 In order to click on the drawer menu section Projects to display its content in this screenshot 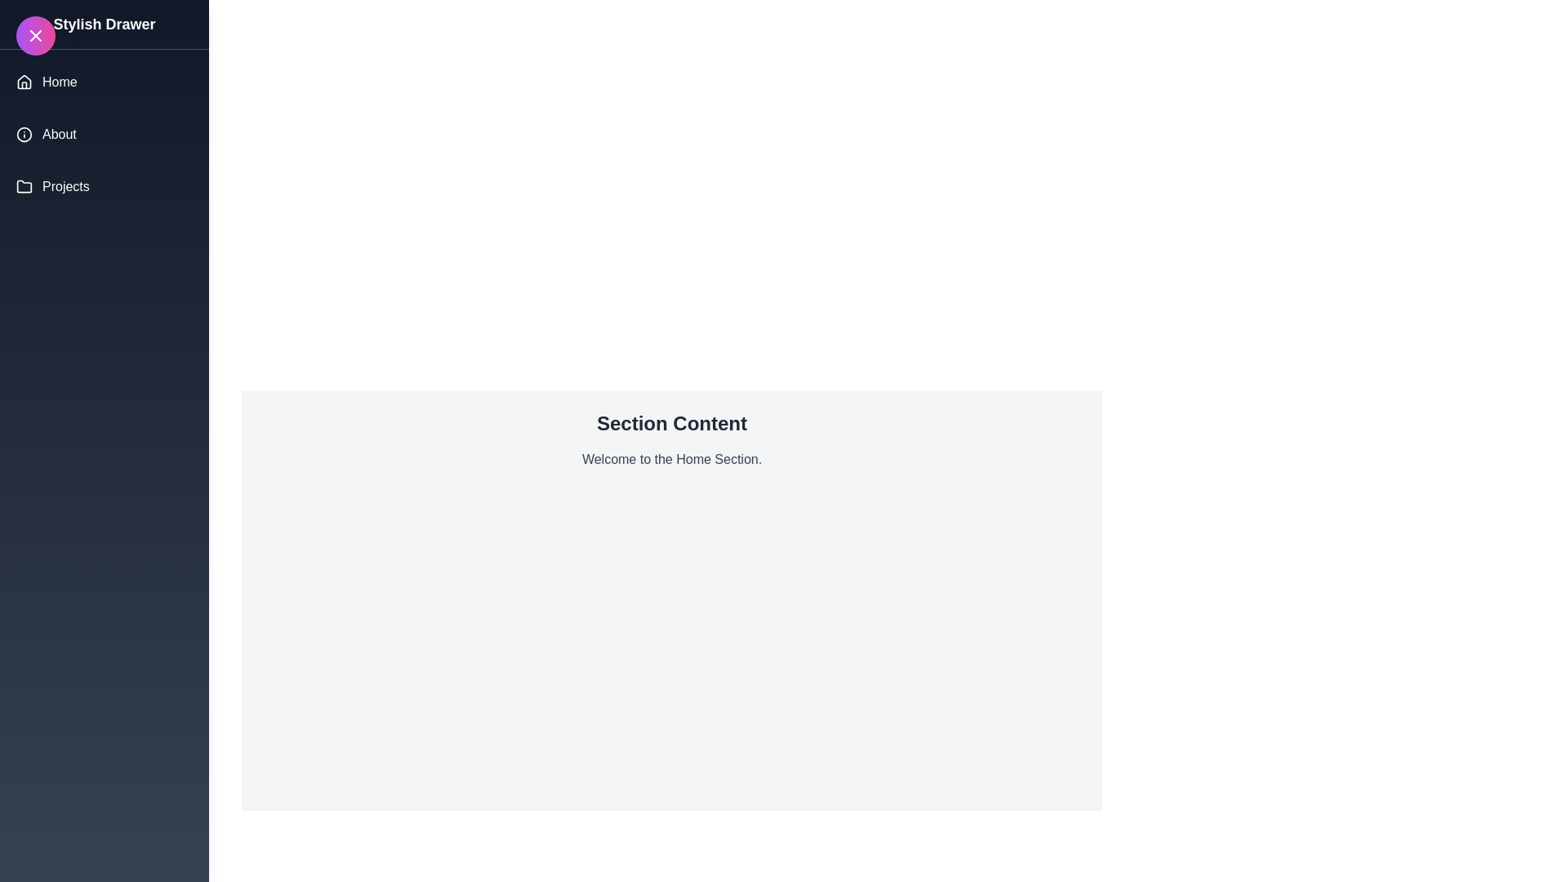, I will do `click(104, 185)`.